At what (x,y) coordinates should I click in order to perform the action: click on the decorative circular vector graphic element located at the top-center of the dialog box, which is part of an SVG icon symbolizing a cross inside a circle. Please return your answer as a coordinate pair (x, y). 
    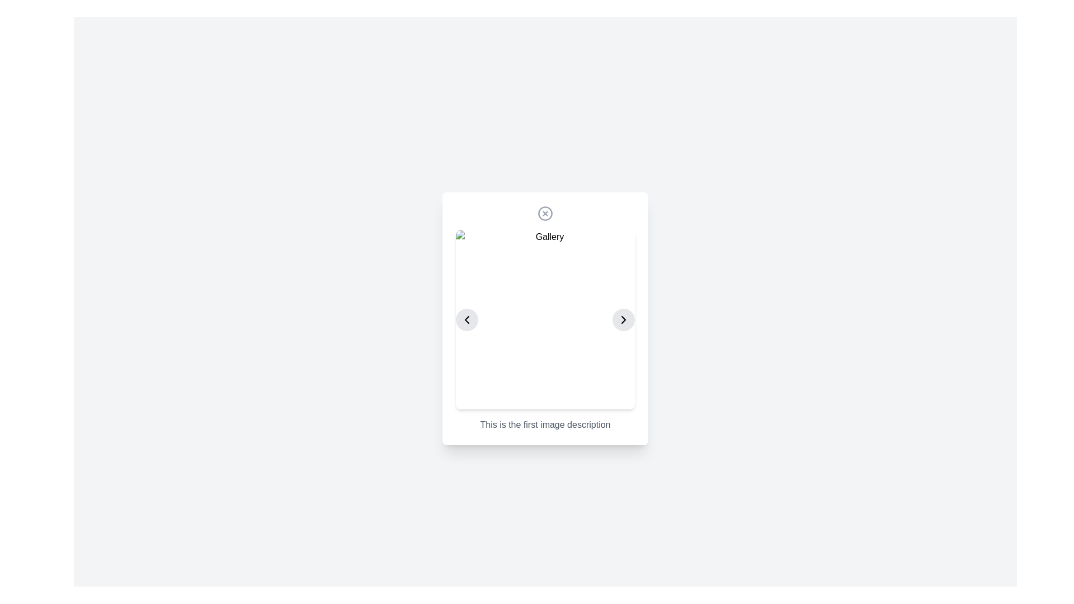
    Looking at the image, I should click on (545, 213).